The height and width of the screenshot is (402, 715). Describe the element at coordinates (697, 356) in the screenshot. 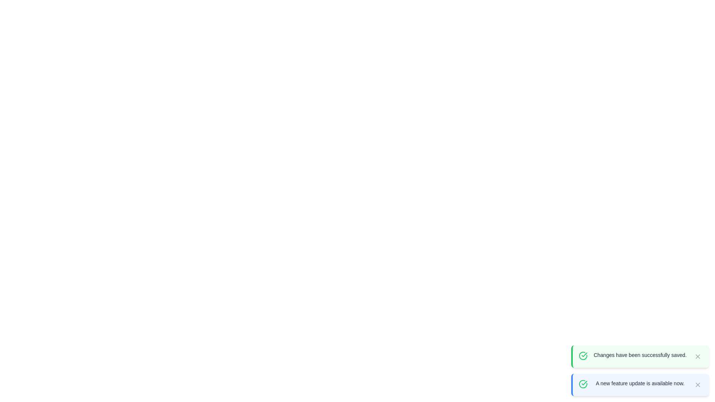

I see `the close button of the notification with the message 'Changes have been successfully saved.'` at that location.